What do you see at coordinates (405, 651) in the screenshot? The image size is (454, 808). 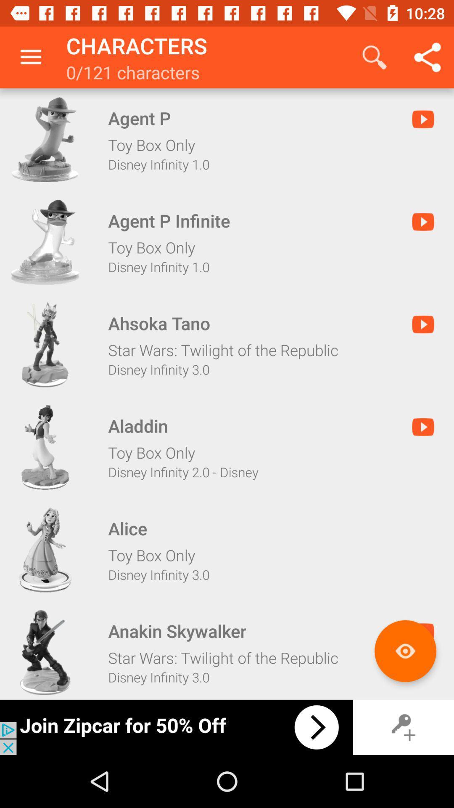 I see `more` at bounding box center [405, 651].